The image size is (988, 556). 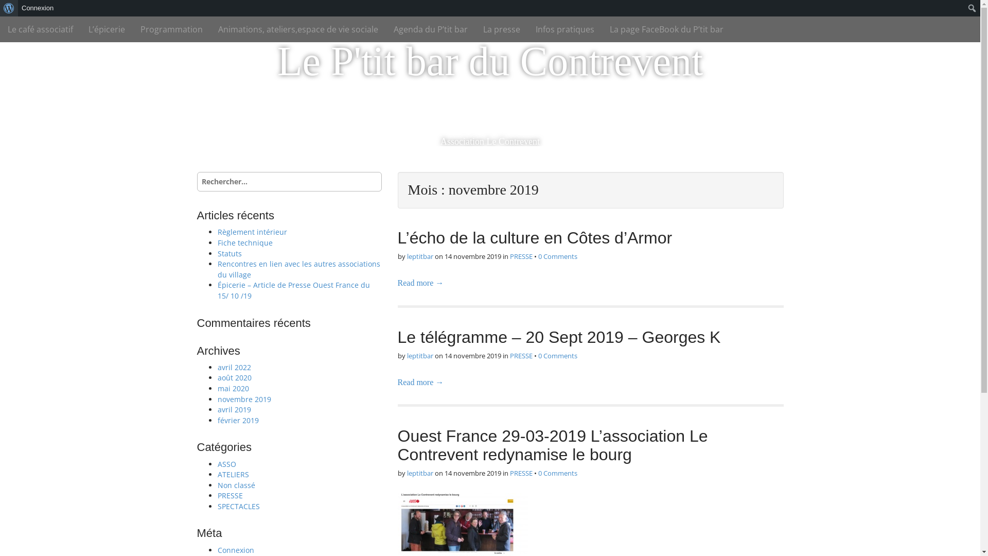 I want to click on 'Fiche technique', so click(x=244, y=242).